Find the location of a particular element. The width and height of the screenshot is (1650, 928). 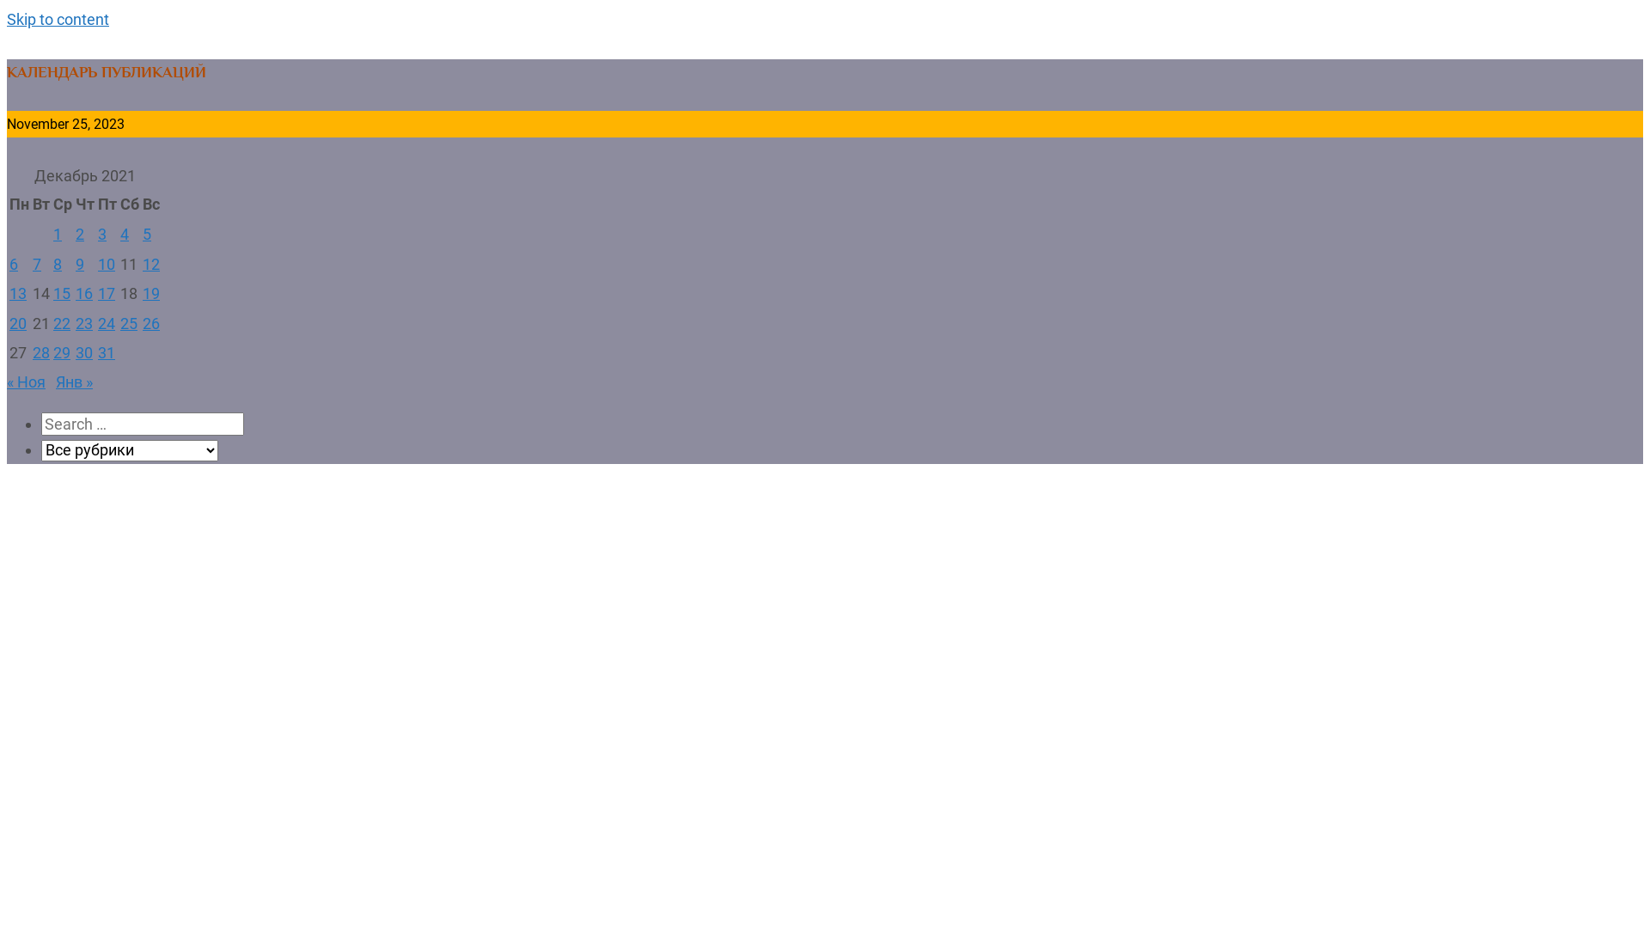

'10' is located at coordinates (106, 264).